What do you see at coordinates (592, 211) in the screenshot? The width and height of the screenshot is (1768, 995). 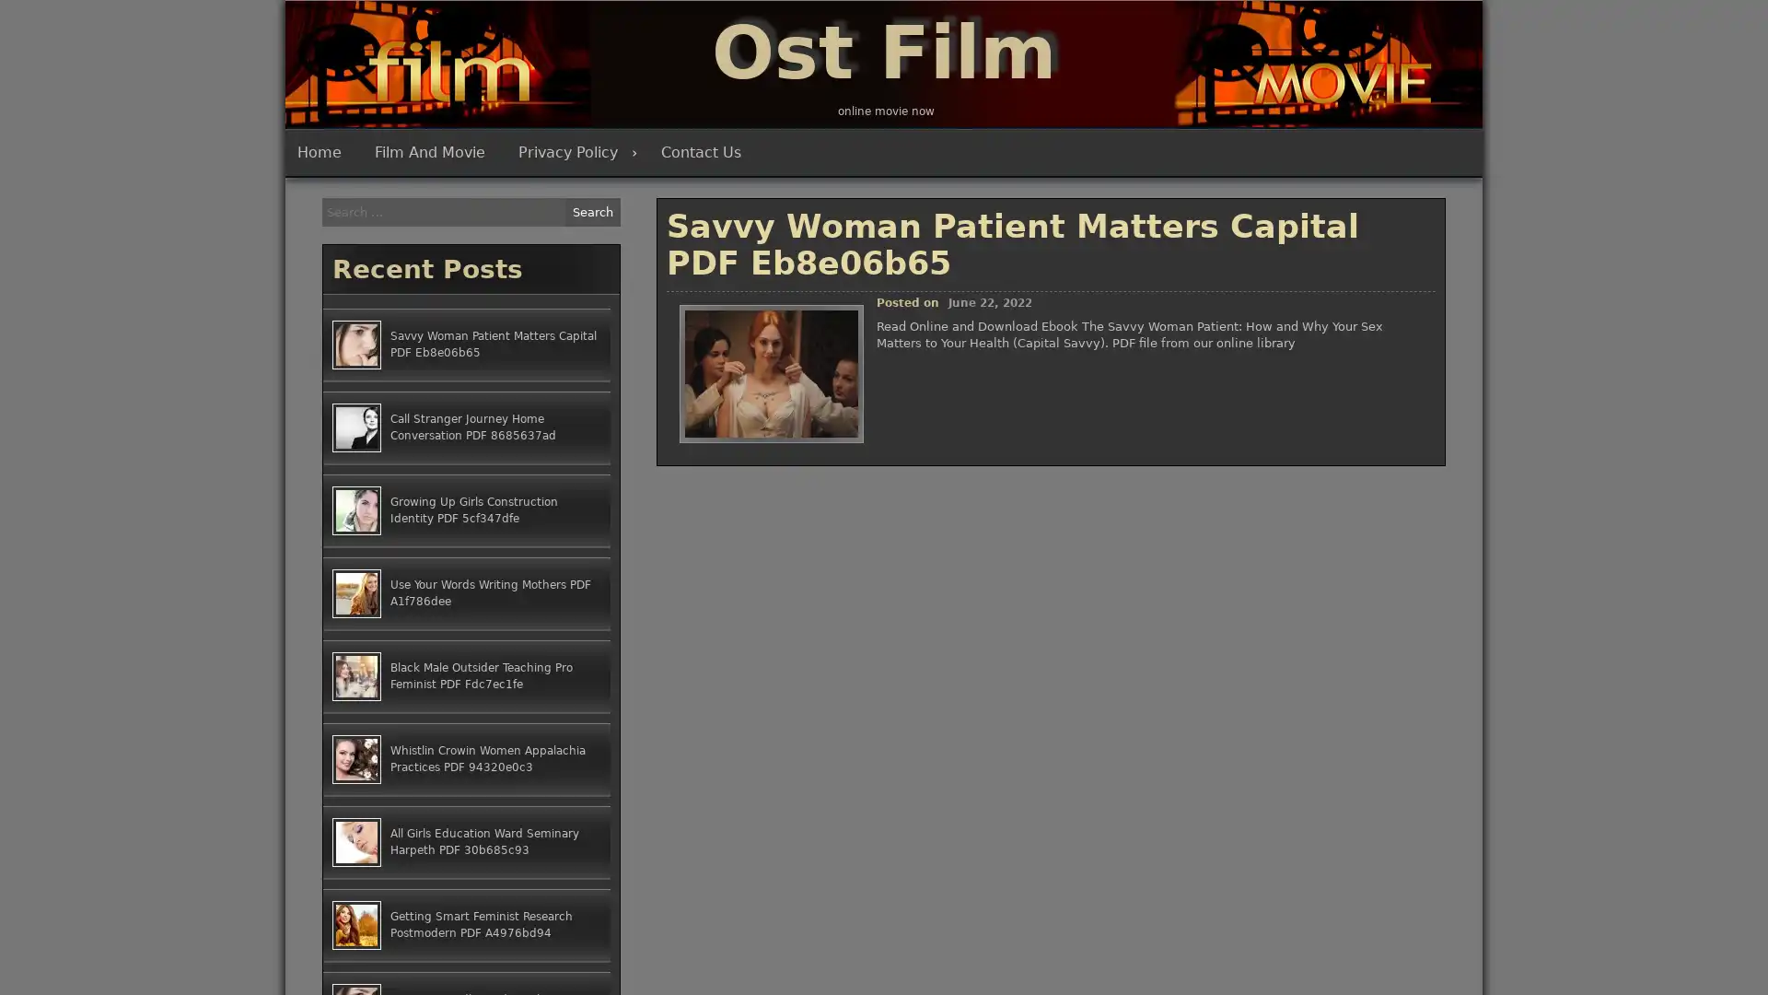 I see `Search` at bounding box center [592, 211].